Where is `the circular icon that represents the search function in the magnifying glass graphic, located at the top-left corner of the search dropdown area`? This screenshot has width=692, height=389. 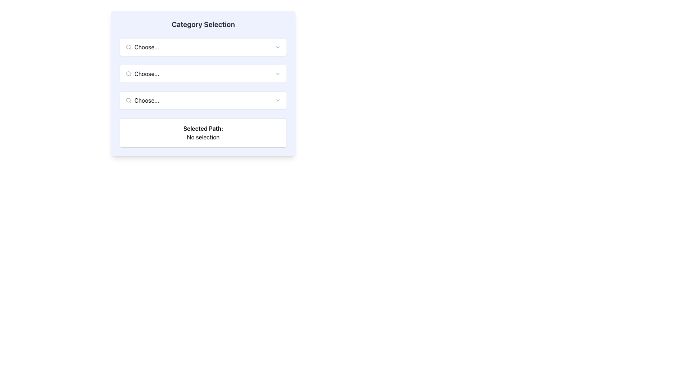 the circular icon that represents the search function in the magnifying glass graphic, located at the top-left corner of the search dropdown area is located at coordinates (128, 47).